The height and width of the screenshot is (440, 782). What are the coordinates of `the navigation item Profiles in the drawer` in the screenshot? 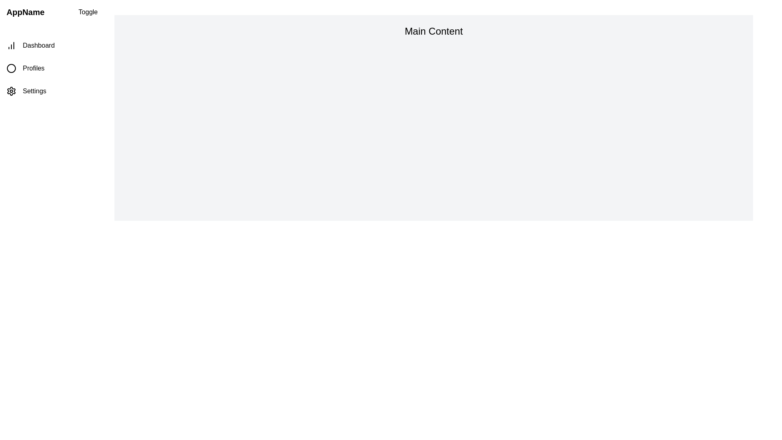 It's located at (52, 68).